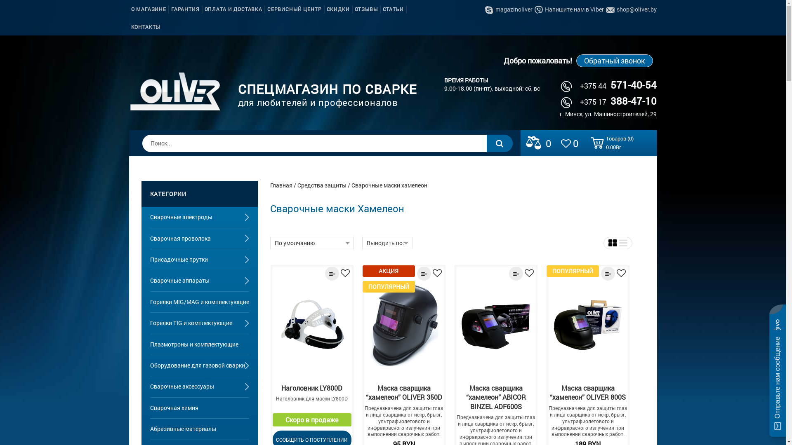 This screenshot has height=445, width=792. I want to click on '+375 44571-40-54', so click(608, 86).